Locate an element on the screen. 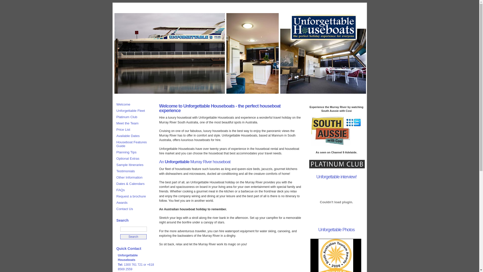  'Awards' is located at coordinates (134, 202).